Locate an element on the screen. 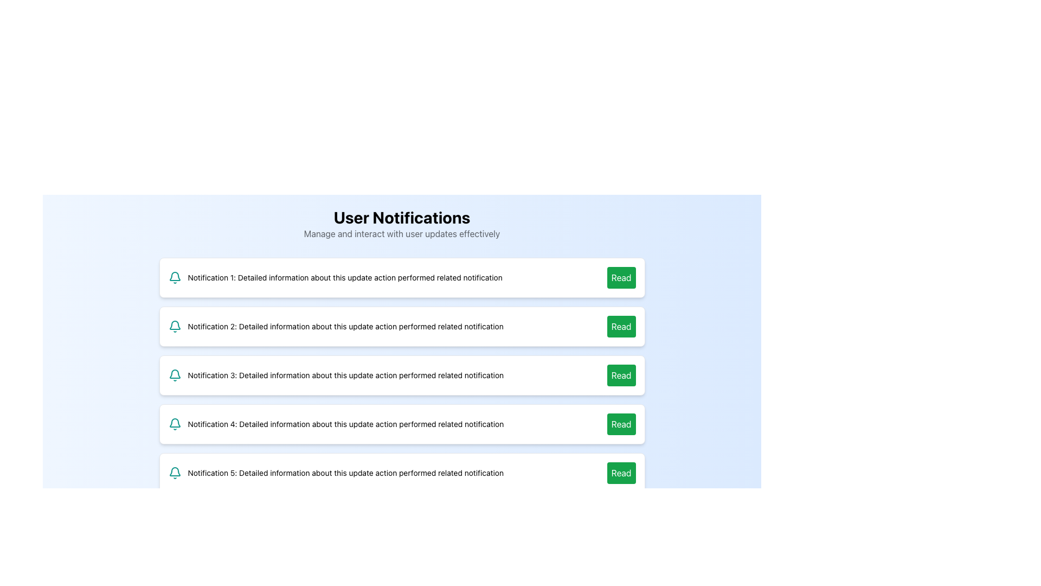 This screenshot has height=586, width=1041. the fifth Notification Card is located at coordinates (401, 472).